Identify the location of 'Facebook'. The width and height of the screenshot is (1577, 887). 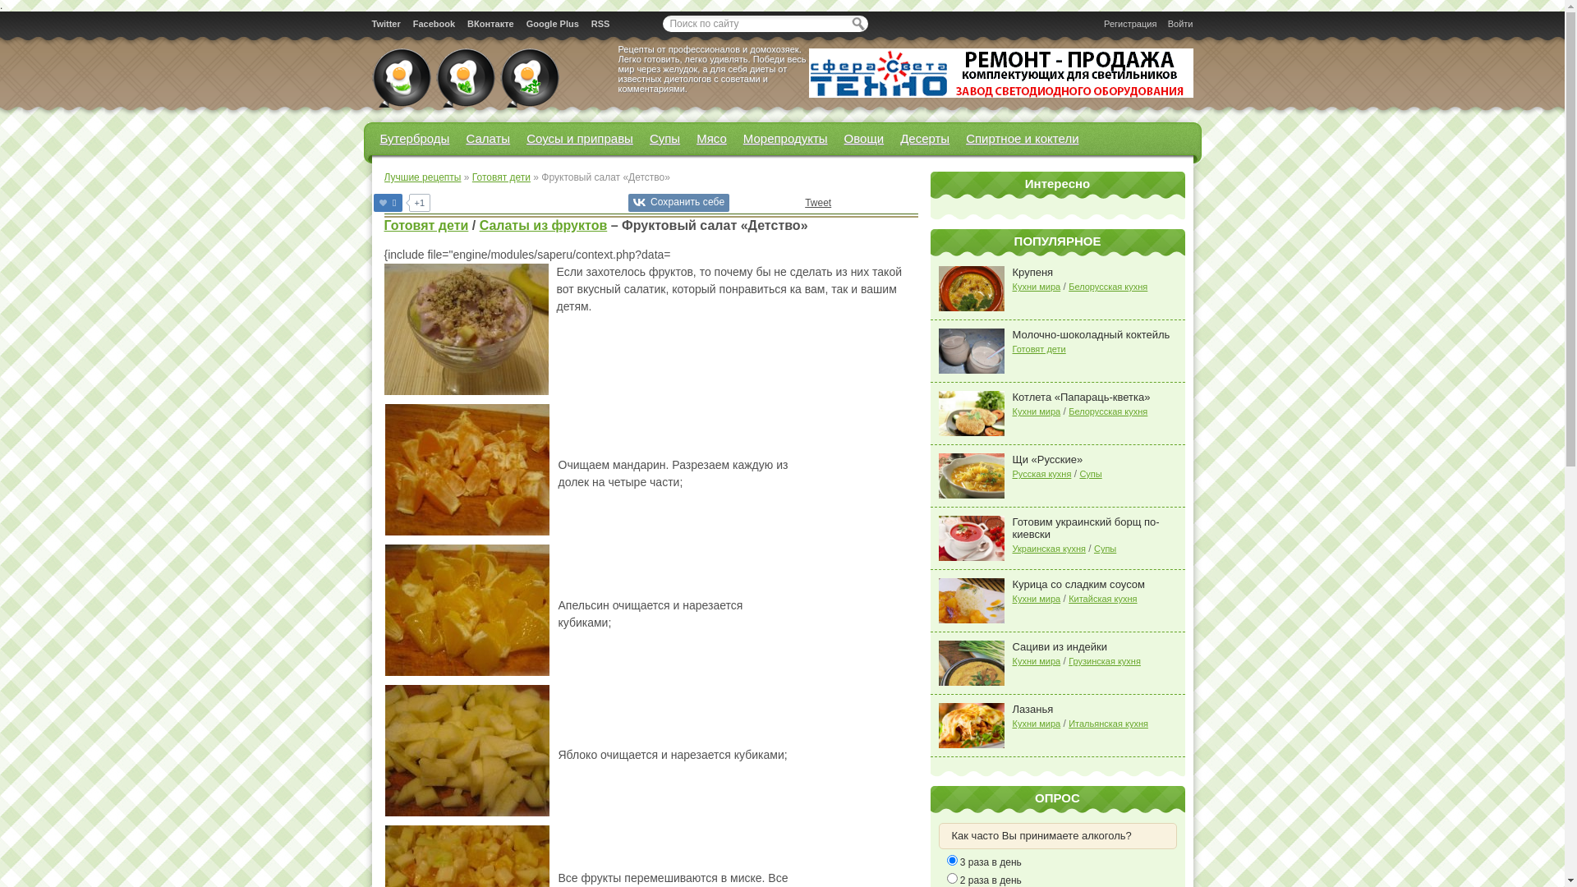
(413, 24).